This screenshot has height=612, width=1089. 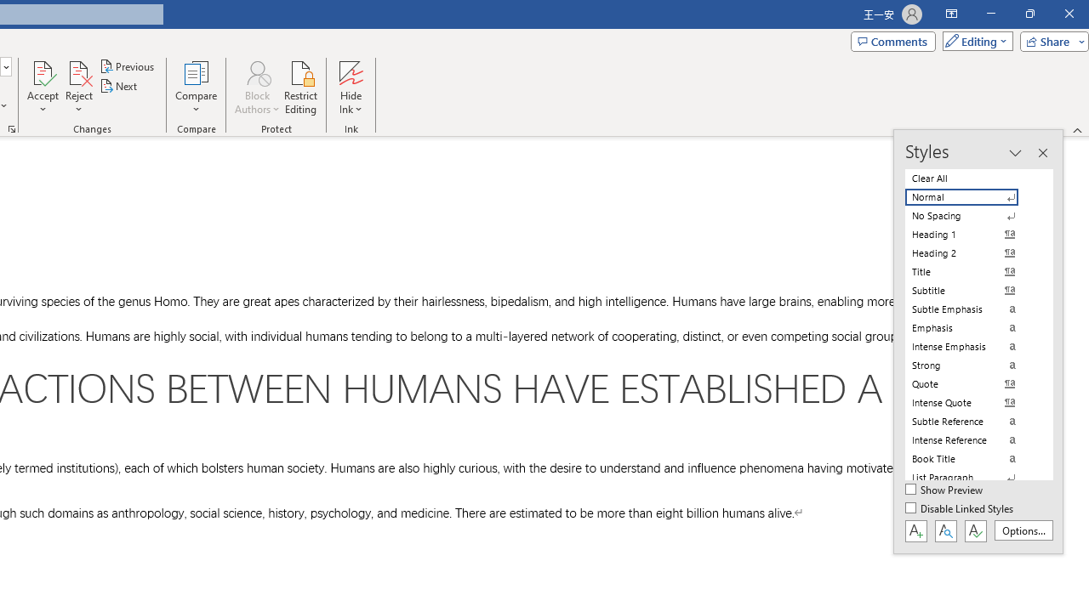 What do you see at coordinates (972, 459) in the screenshot?
I see `'Book Title'` at bounding box center [972, 459].